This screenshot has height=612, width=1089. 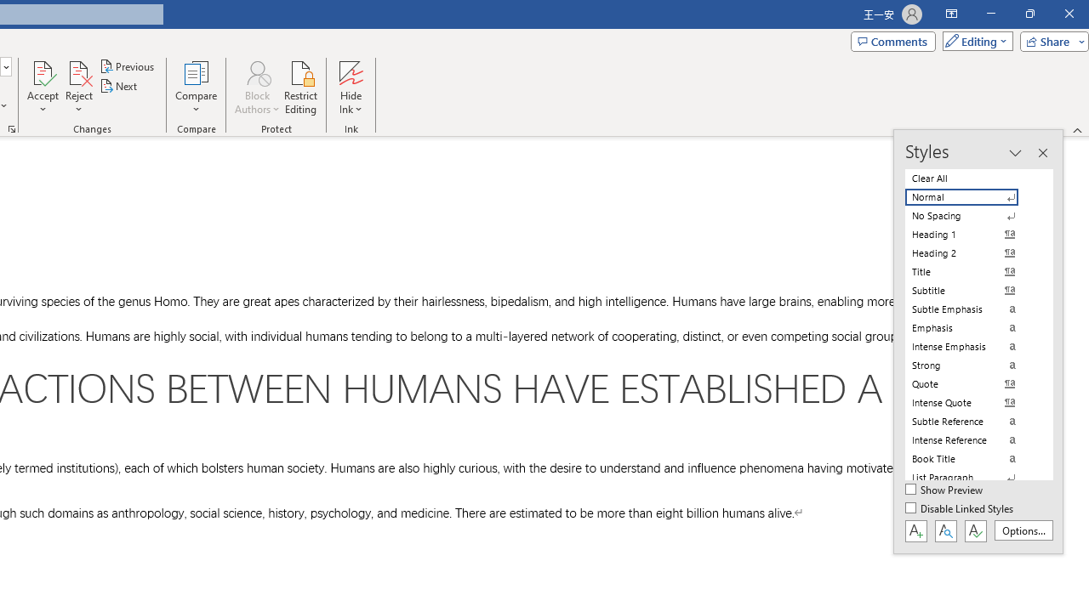 What do you see at coordinates (972, 459) in the screenshot?
I see `'Book Title'` at bounding box center [972, 459].